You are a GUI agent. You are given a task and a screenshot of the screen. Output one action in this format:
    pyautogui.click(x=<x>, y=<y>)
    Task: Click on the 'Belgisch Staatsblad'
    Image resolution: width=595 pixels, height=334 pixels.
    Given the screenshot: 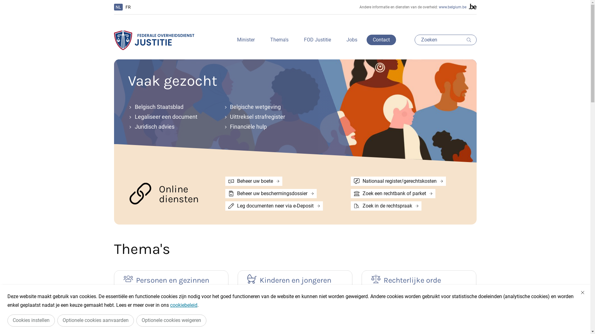 What is the action you would take?
    pyautogui.click(x=168, y=107)
    